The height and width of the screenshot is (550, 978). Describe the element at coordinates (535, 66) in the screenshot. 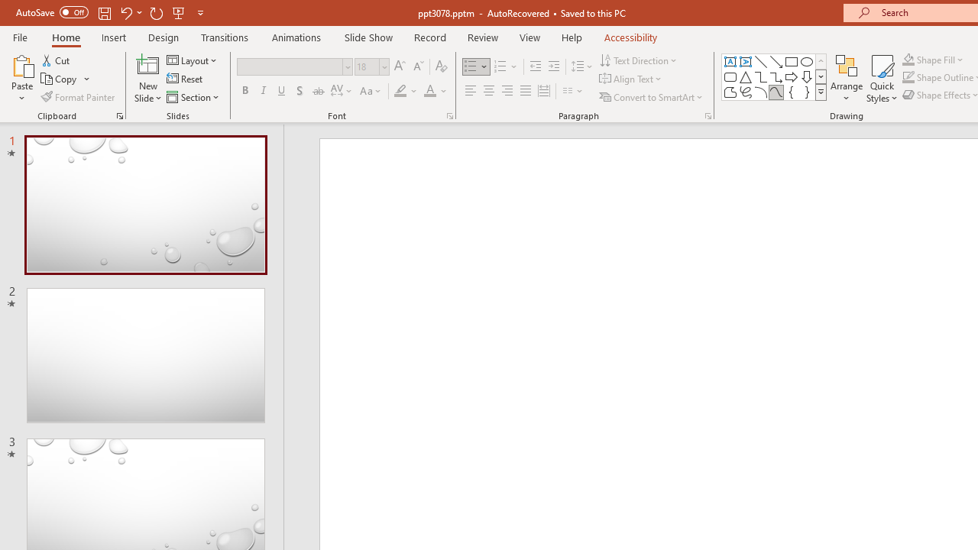

I see `'Decrease Indent'` at that location.